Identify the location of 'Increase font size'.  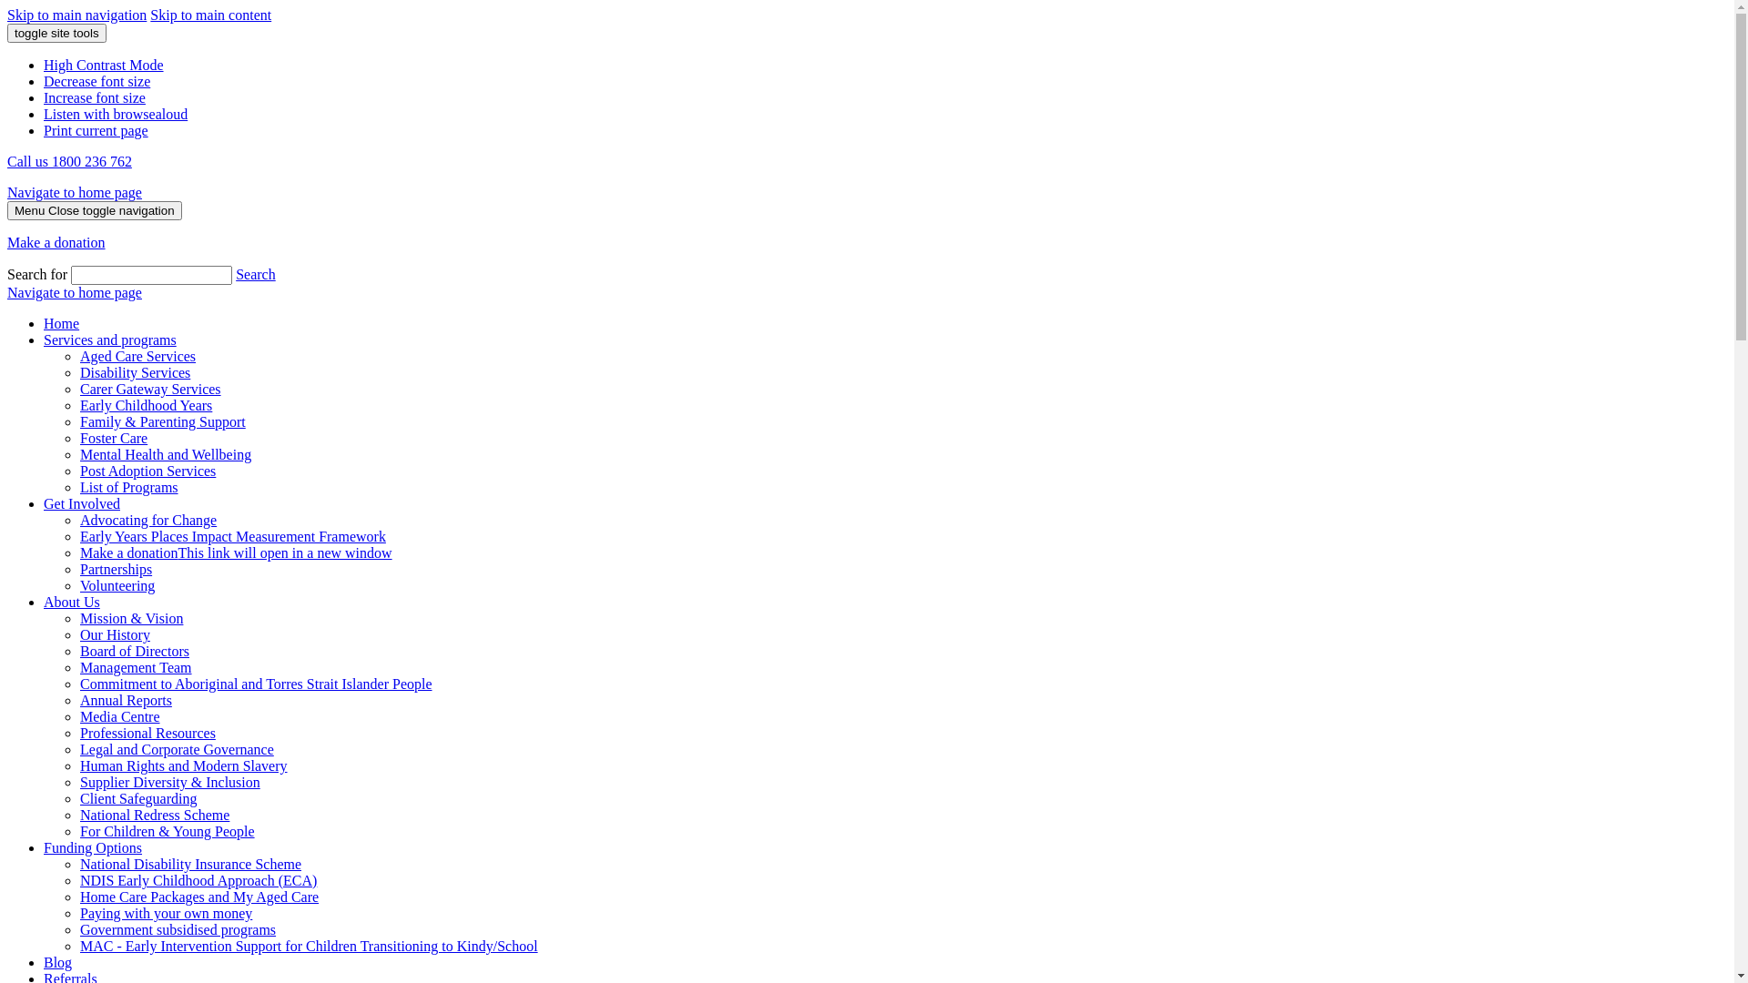
(94, 97).